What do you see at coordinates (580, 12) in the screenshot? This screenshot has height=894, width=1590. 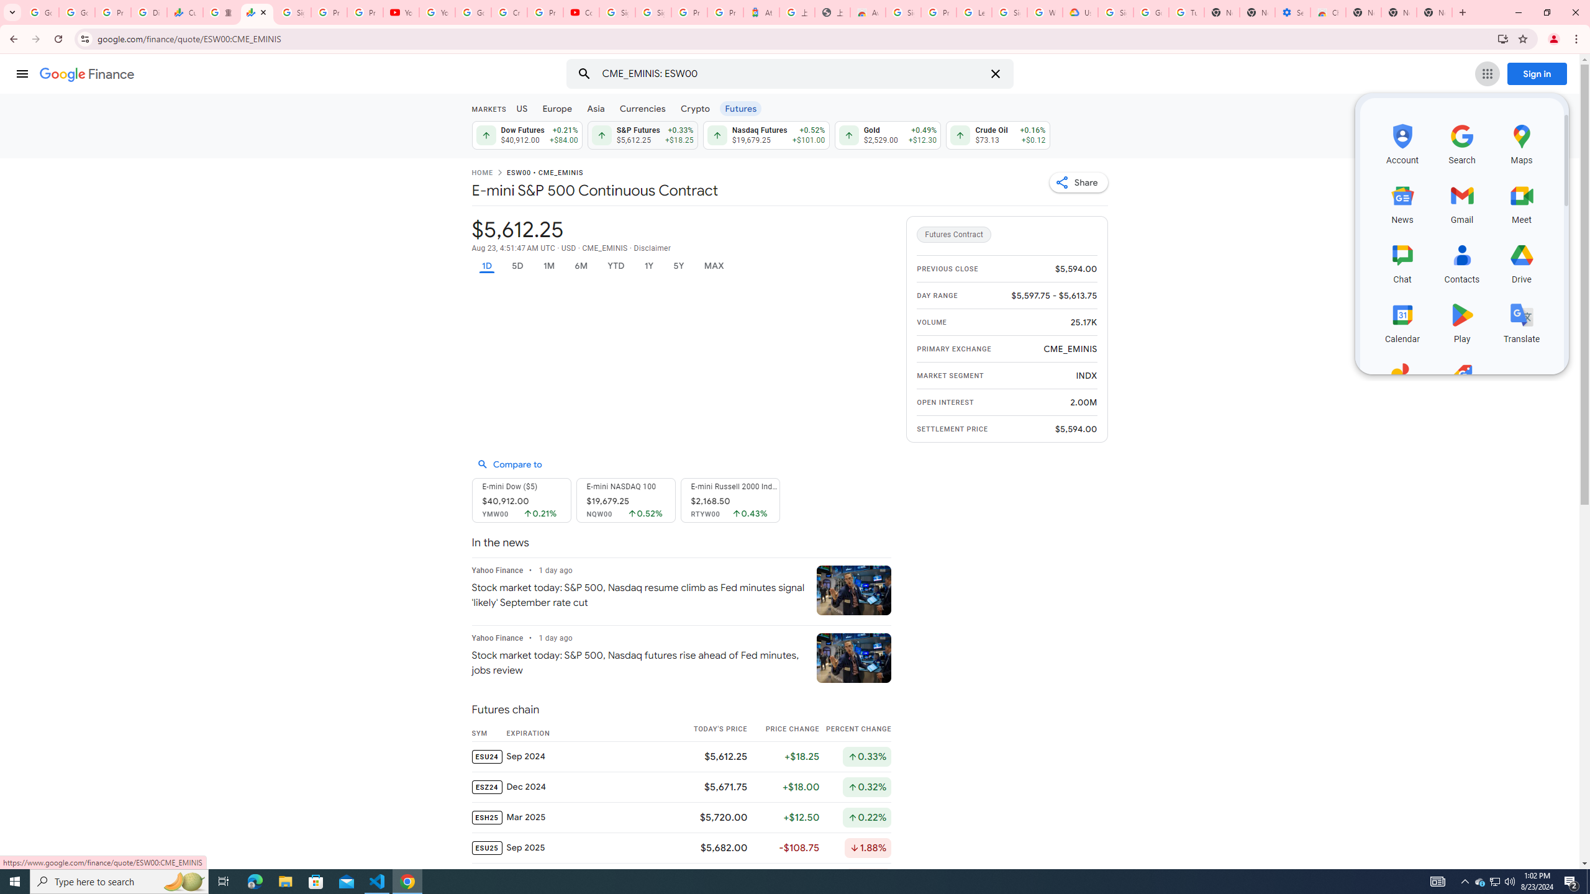 I see `'Content Creator Programs & Opportunities - YouTube Creators'` at bounding box center [580, 12].